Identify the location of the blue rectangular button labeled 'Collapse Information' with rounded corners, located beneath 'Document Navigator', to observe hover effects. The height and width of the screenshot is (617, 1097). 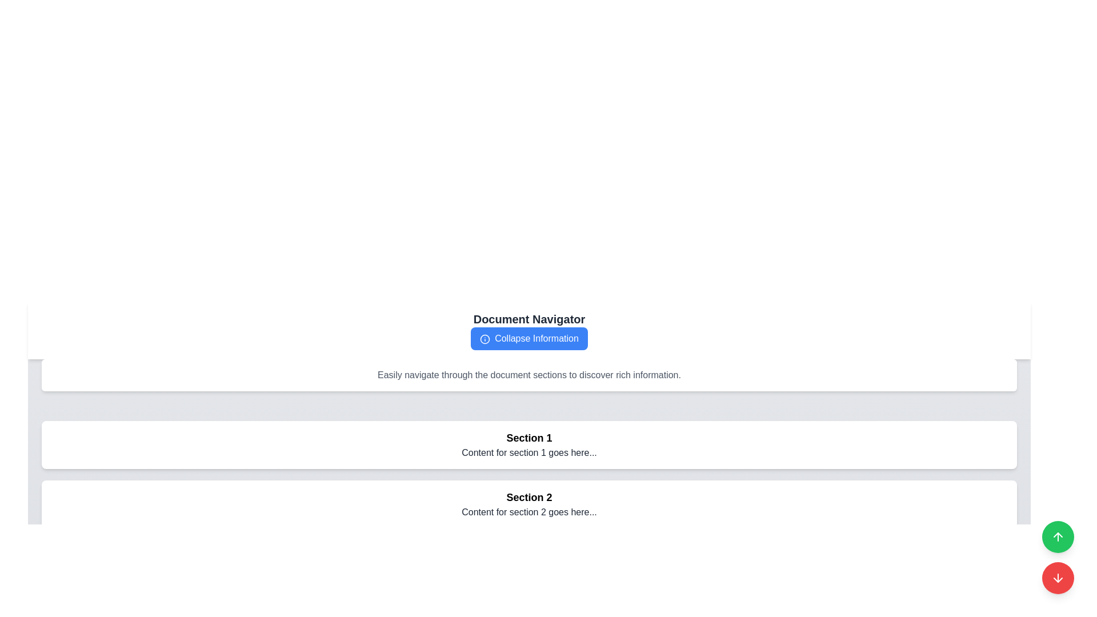
(529, 338).